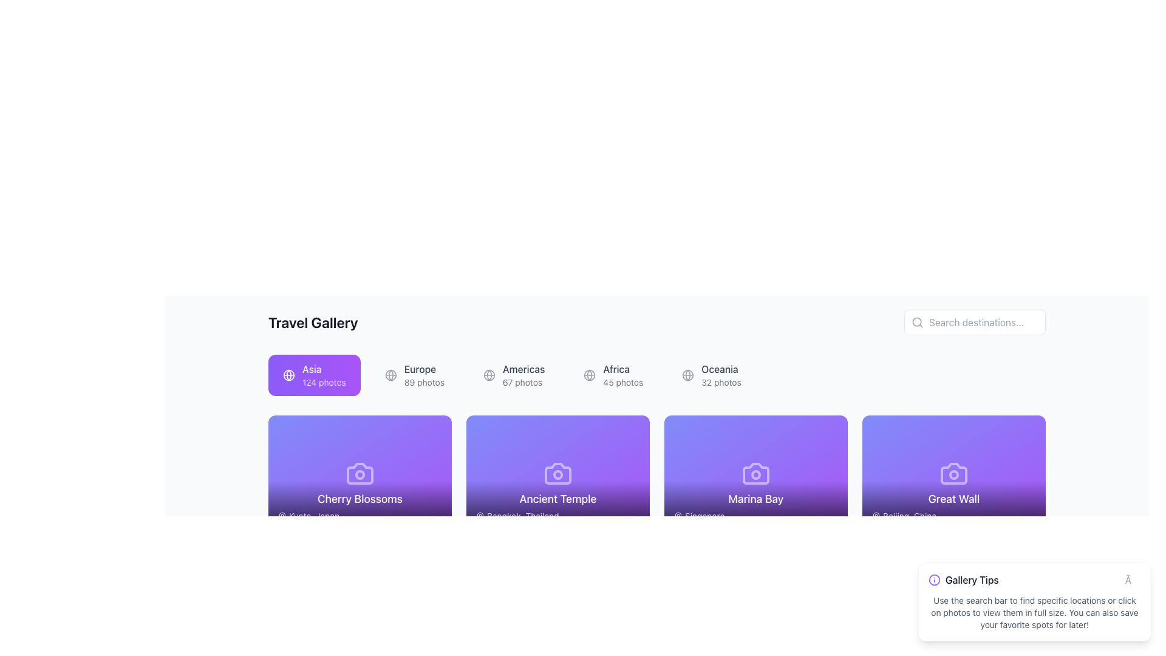 This screenshot has width=1166, height=656. What do you see at coordinates (360, 516) in the screenshot?
I see `the informational text label indicating 'Kyoto, Japan' located at the bottom section of the 'Cherry Blossoms' card in the gallery layout` at bounding box center [360, 516].